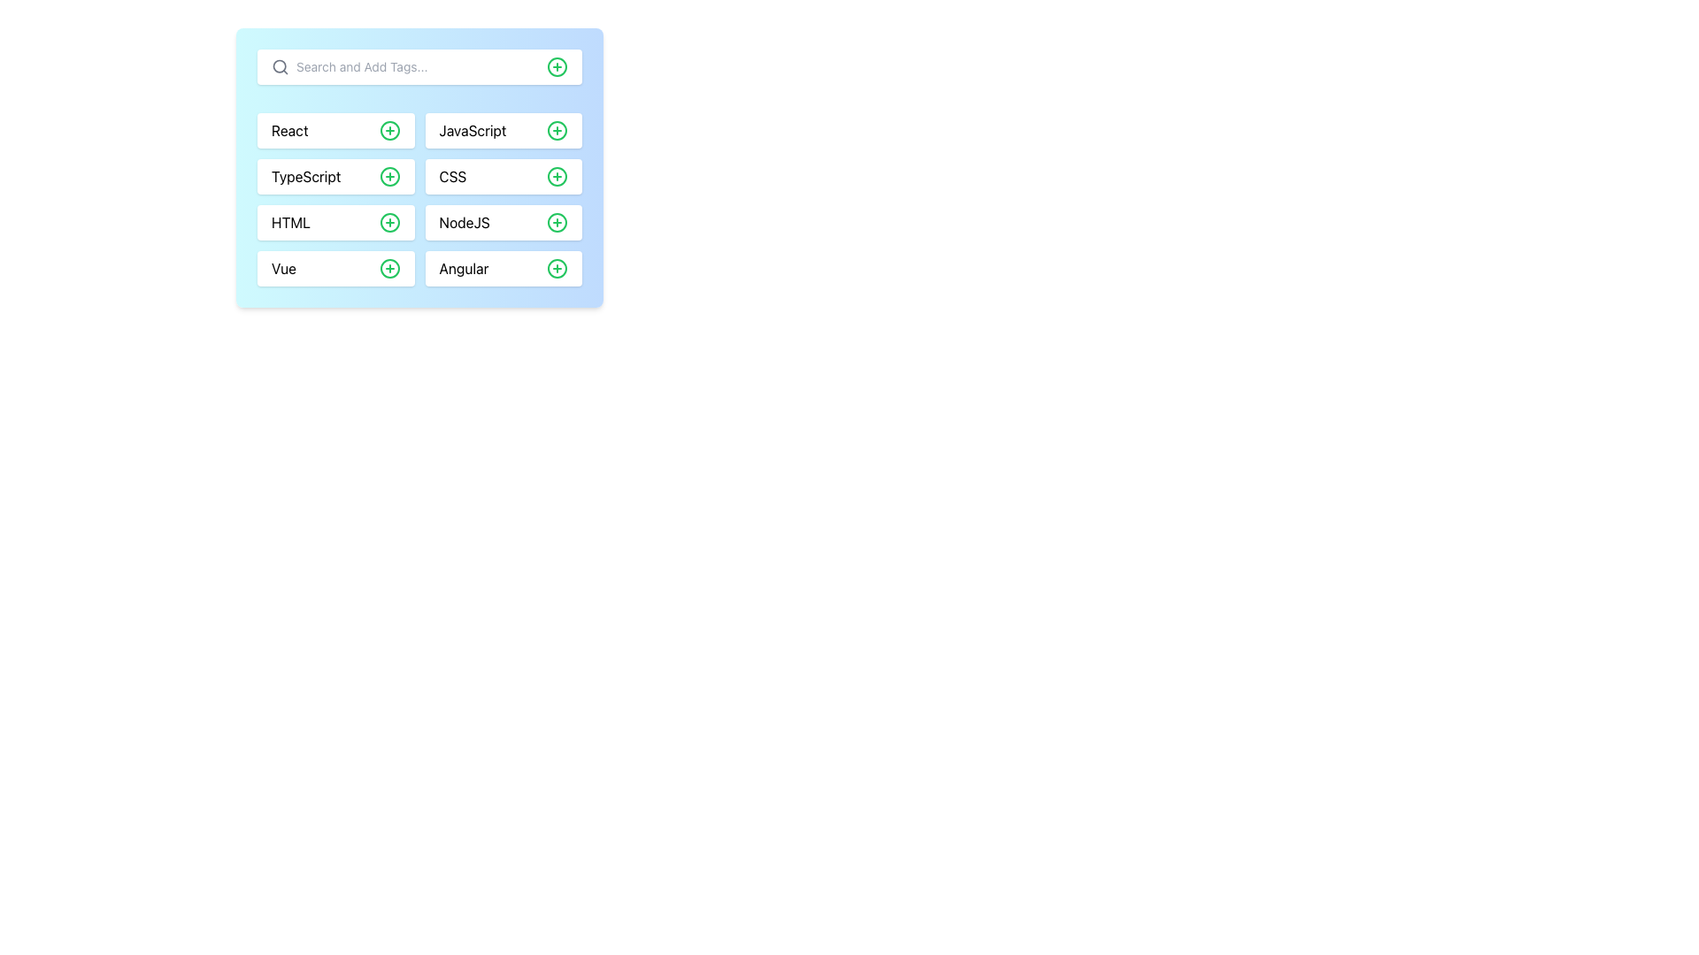  Describe the element at coordinates (388, 269) in the screenshot. I see `the button located to the right side of the 'Vue' label in the options list` at that location.